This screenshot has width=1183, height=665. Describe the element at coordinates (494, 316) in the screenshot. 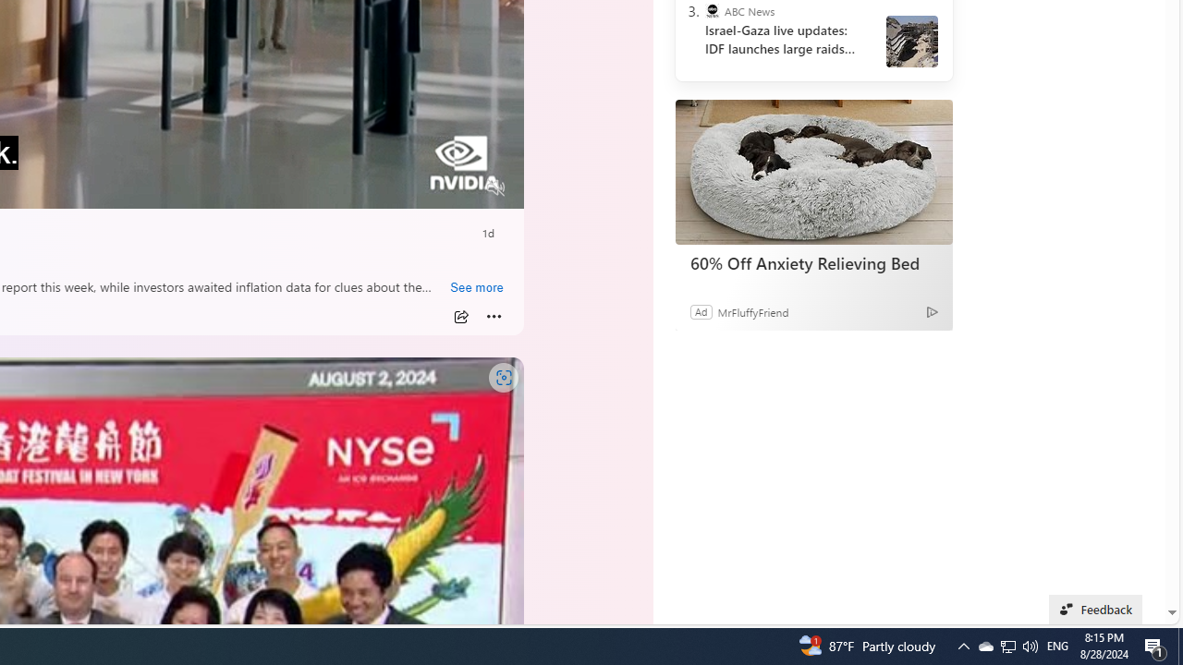

I see `'More'` at that location.